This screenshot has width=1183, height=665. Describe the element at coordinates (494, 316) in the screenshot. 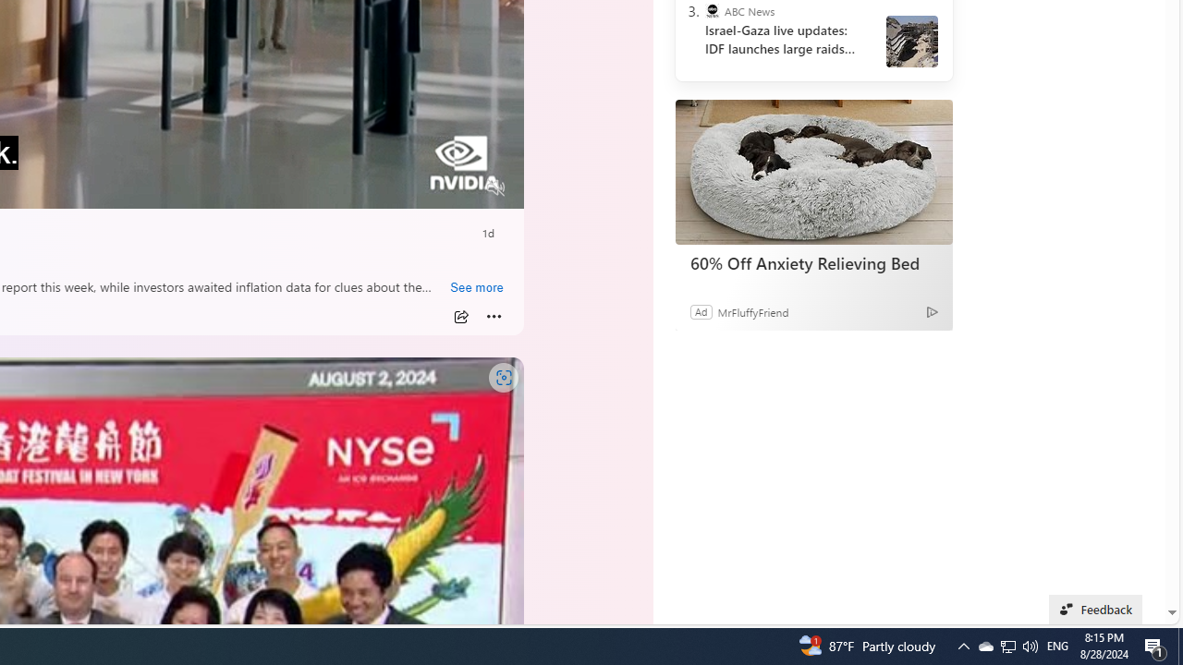

I see `'More'` at that location.